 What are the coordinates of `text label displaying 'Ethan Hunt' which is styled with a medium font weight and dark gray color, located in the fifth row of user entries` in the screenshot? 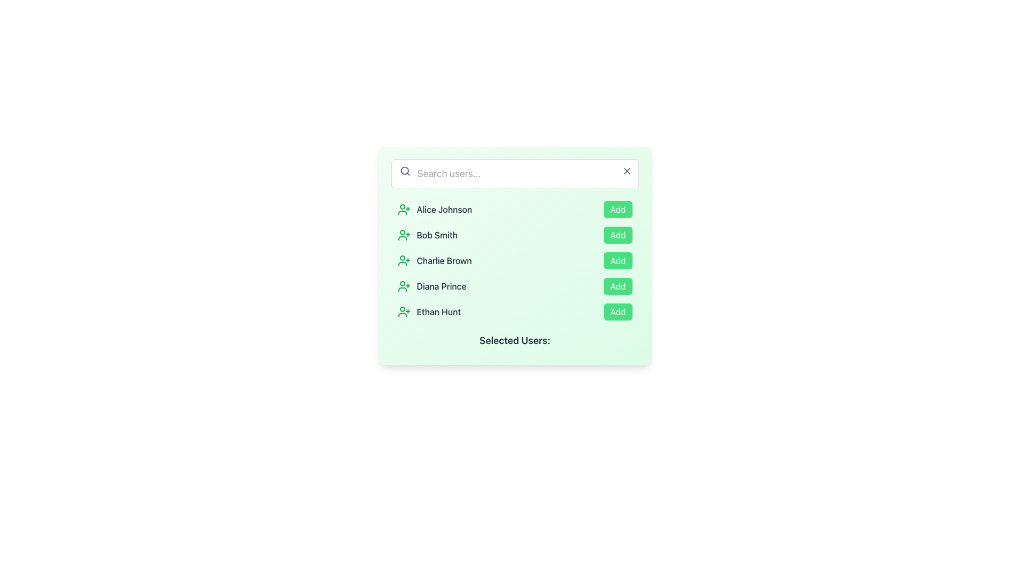 It's located at (438, 312).